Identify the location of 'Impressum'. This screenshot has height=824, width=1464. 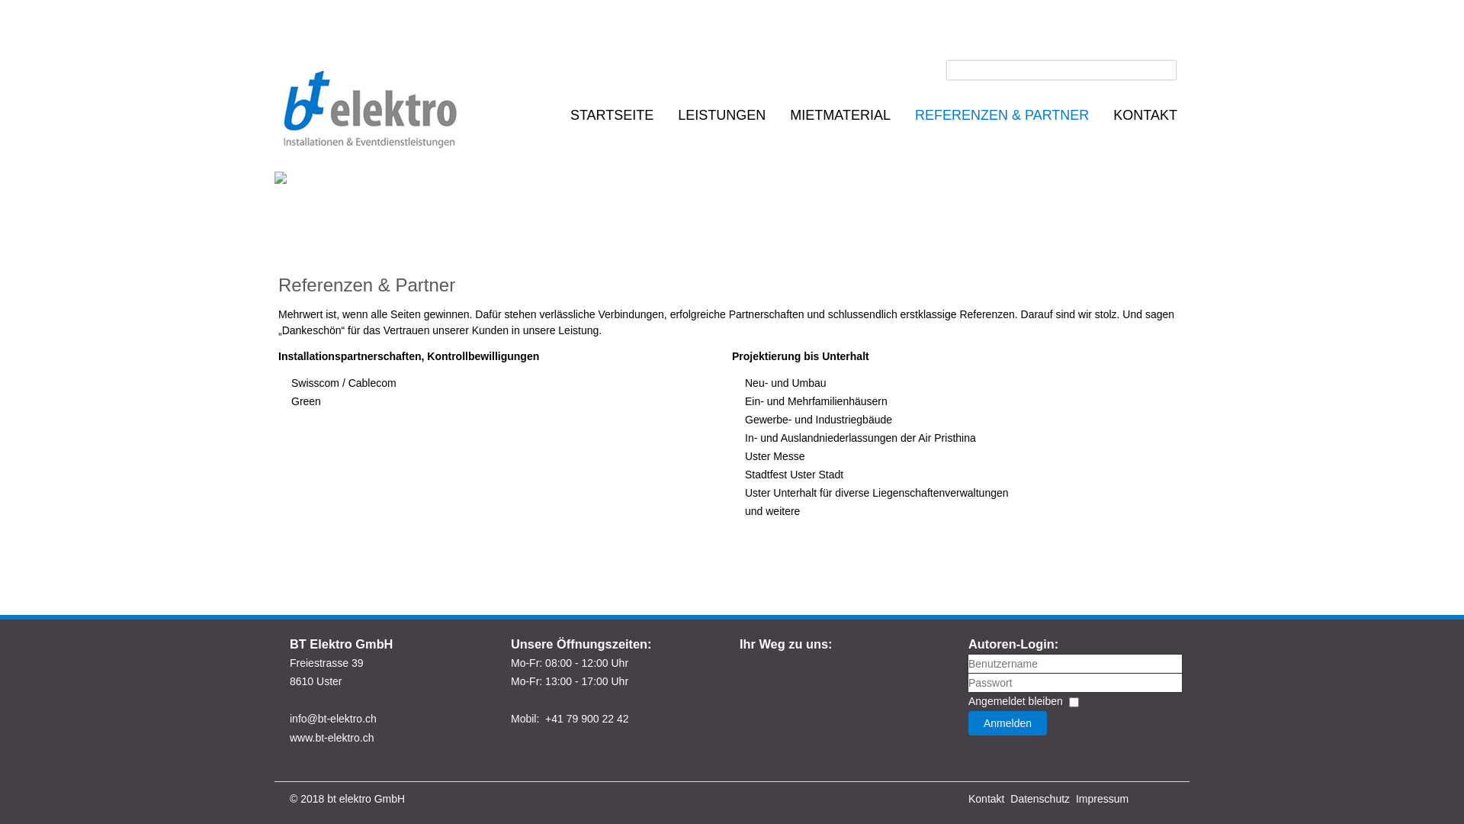
(1102, 797).